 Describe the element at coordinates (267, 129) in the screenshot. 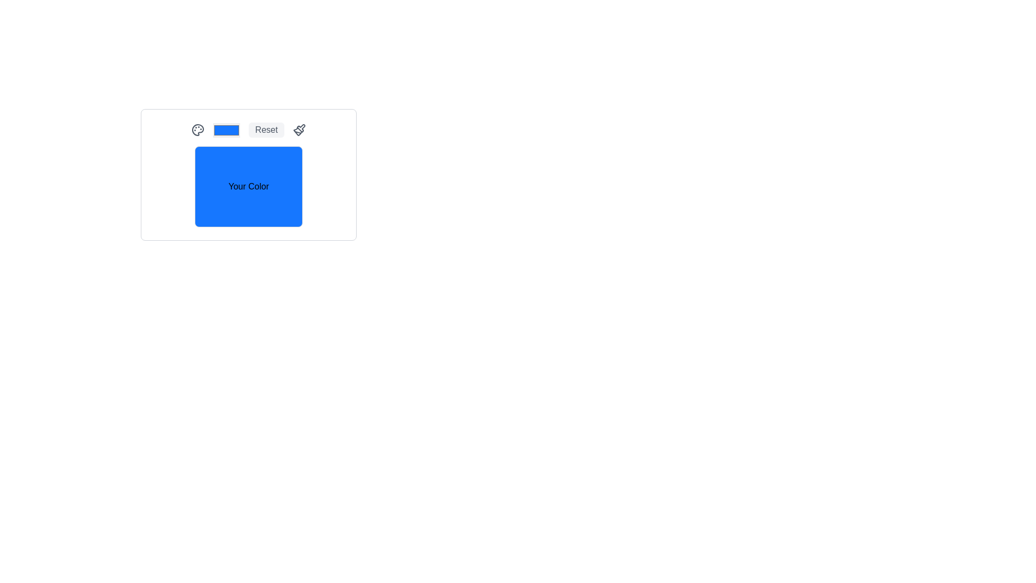

I see `the 'Reset' button located between the color picker and a paintbrush icon to reset settings to default` at that location.